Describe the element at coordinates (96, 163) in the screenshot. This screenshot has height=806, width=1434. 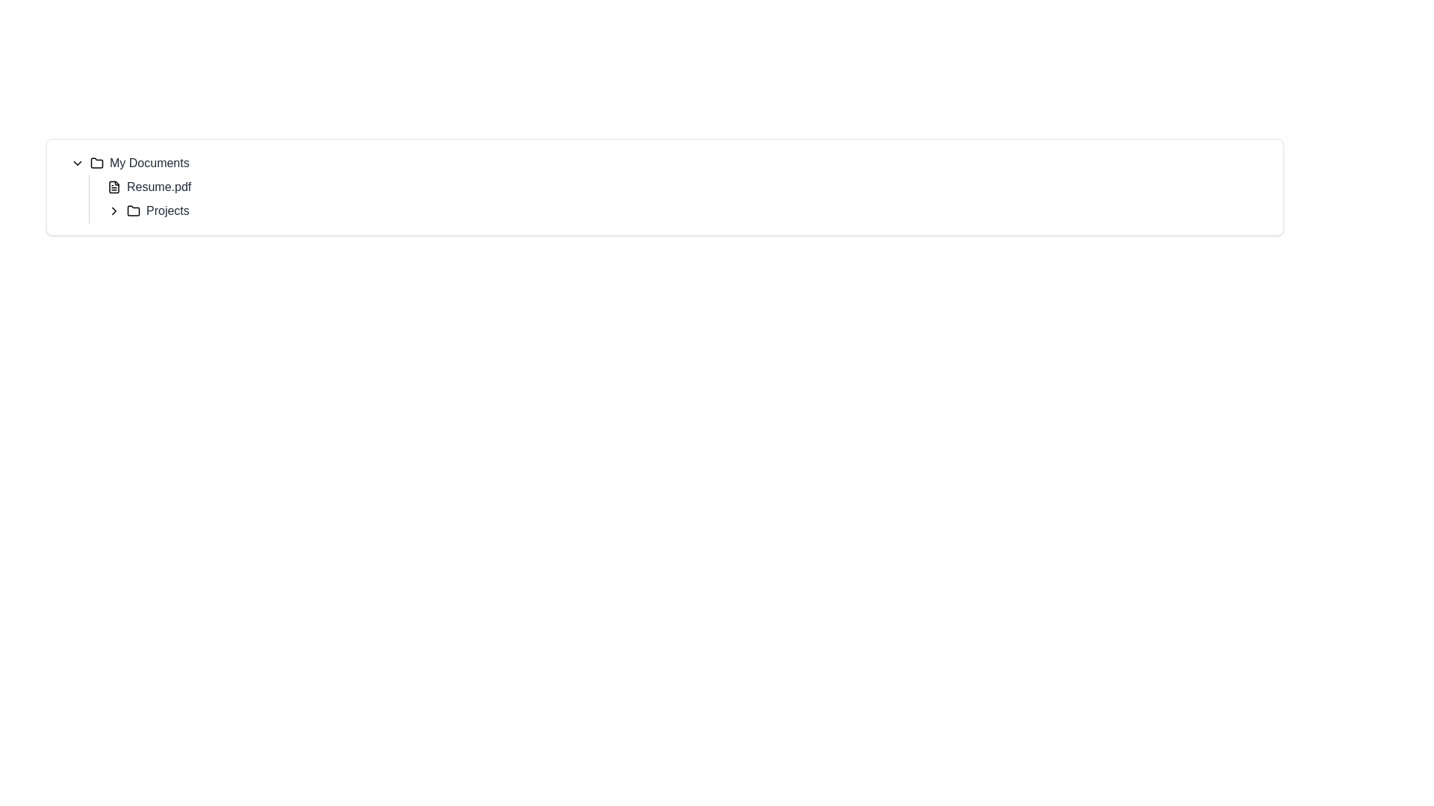
I see `the folder icon located in the top-left corner of the file list, preceding the text label 'My Documents'` at that location.